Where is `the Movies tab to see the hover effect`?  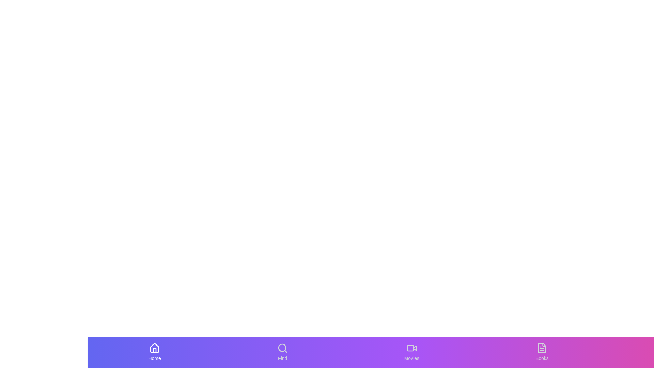 the Movies tab to see the hover effect is located at coordinates (411, 352).